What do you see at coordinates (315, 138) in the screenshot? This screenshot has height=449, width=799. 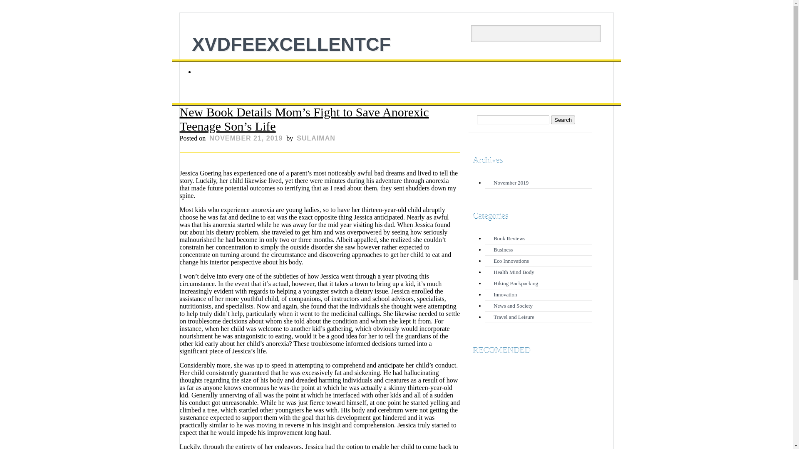 I see `'SULAIMAN'` at bounding box center [315, 138].